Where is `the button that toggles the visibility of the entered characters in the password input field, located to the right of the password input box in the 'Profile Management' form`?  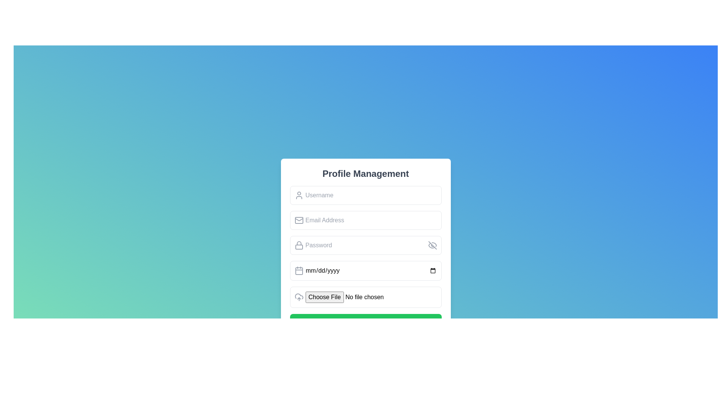
the button that toggles the visibility of the entered characters in the password input field, located to the right of the password input box in the 'Profile Management' form is located at coordinates (432, 245).